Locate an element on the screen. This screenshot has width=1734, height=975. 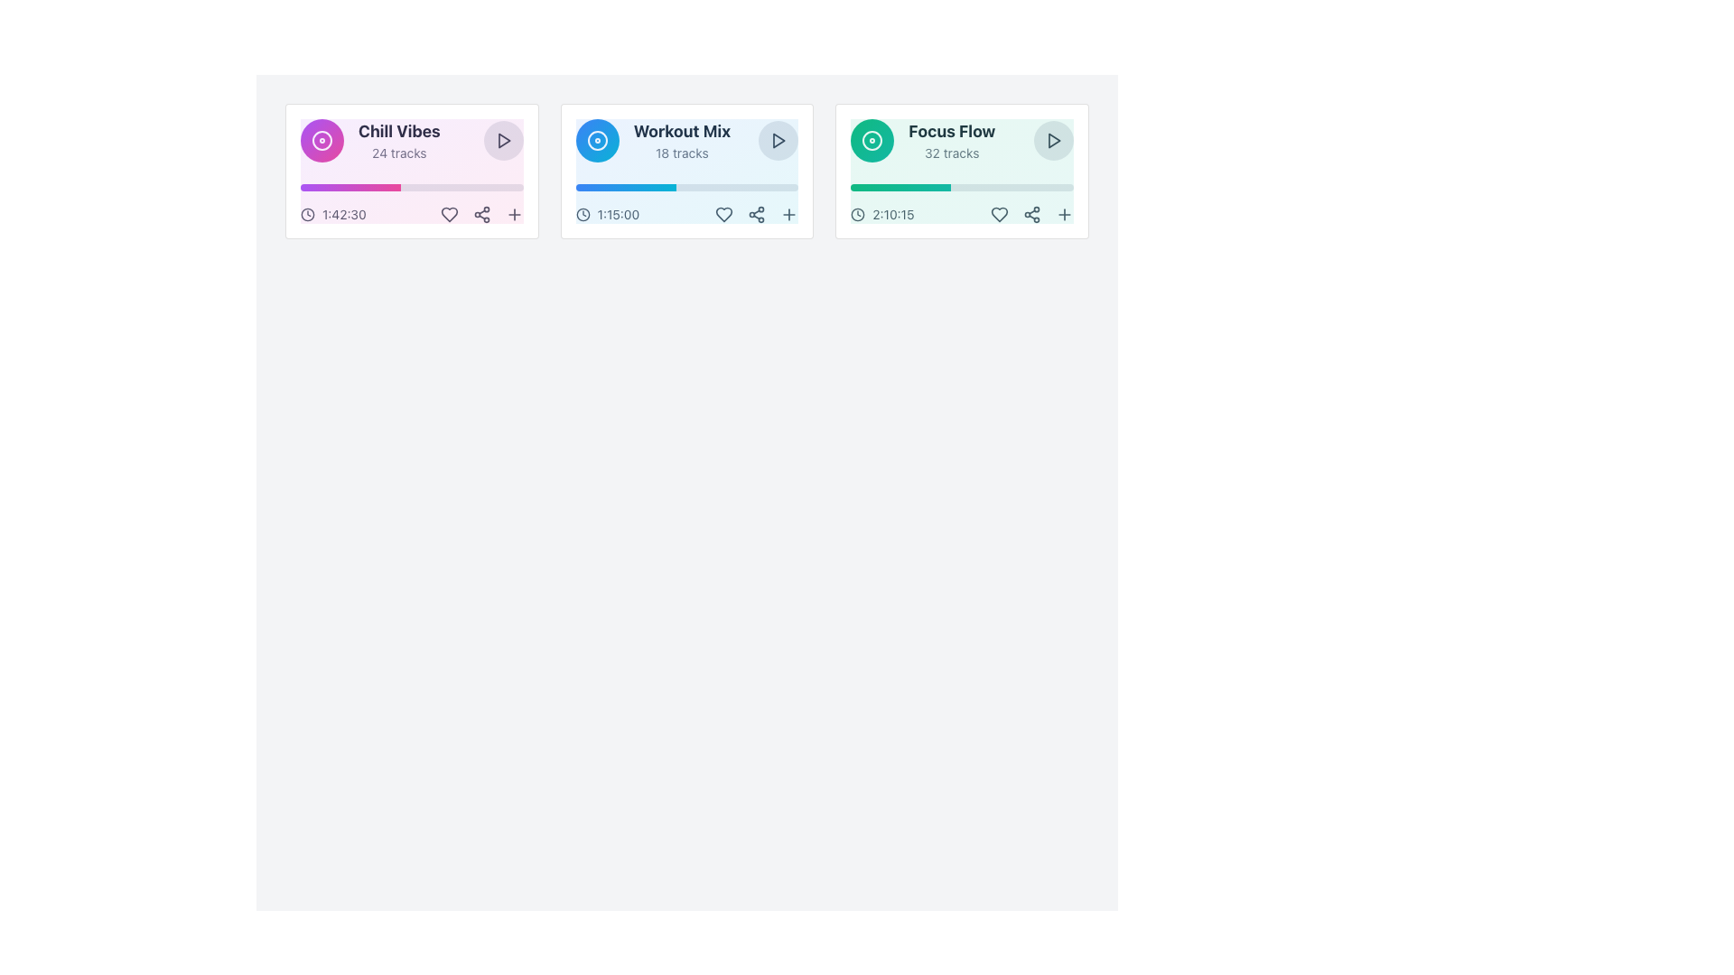
text from the top-right card in the grid layout, which displays 'Focus Flow 32 tracks' in bold, dark gray text on a light-colored background is located at coordinates (951, 139).